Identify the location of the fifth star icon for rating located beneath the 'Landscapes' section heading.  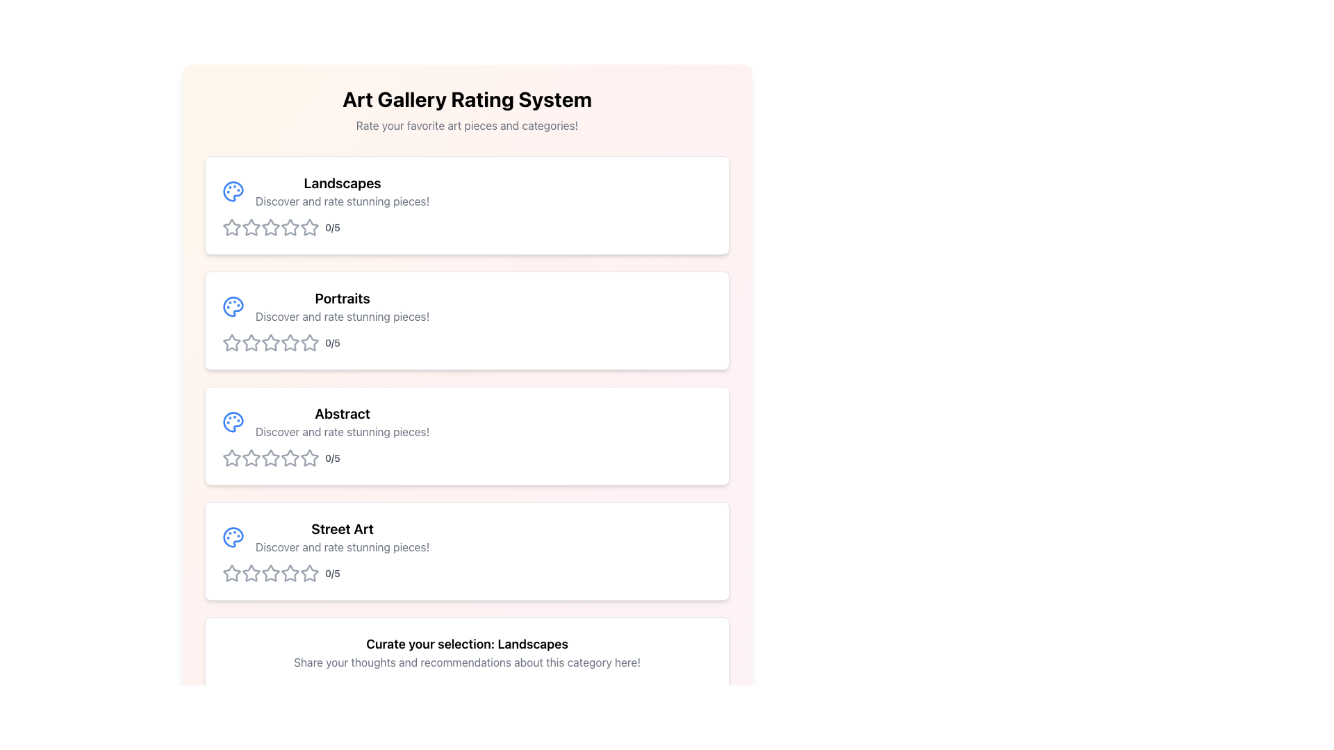
(289, 226).